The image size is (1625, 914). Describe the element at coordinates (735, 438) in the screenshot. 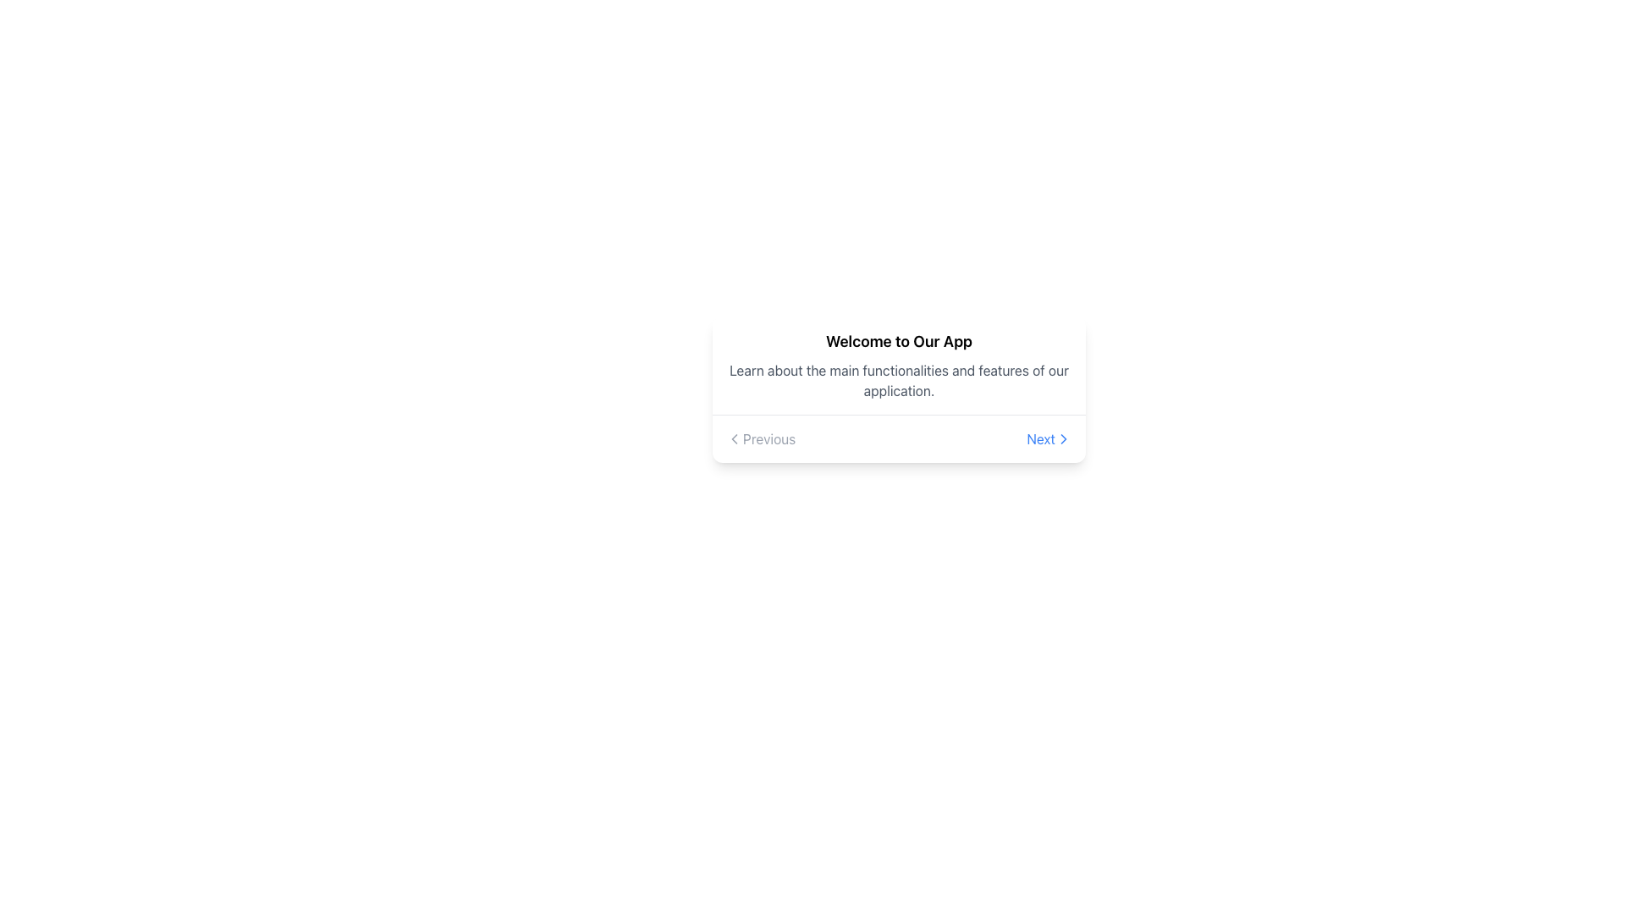

I see `the left-pointing chevron arrow icon next to the 'Previous' text in the navigation button at the bottom-left of the card` at that location.